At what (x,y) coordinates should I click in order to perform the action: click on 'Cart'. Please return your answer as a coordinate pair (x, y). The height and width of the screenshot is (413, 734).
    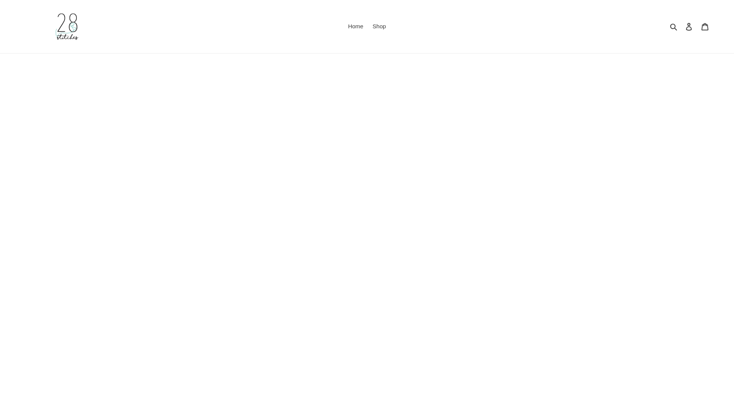
    Looking at the image, I should click on (704, 26).